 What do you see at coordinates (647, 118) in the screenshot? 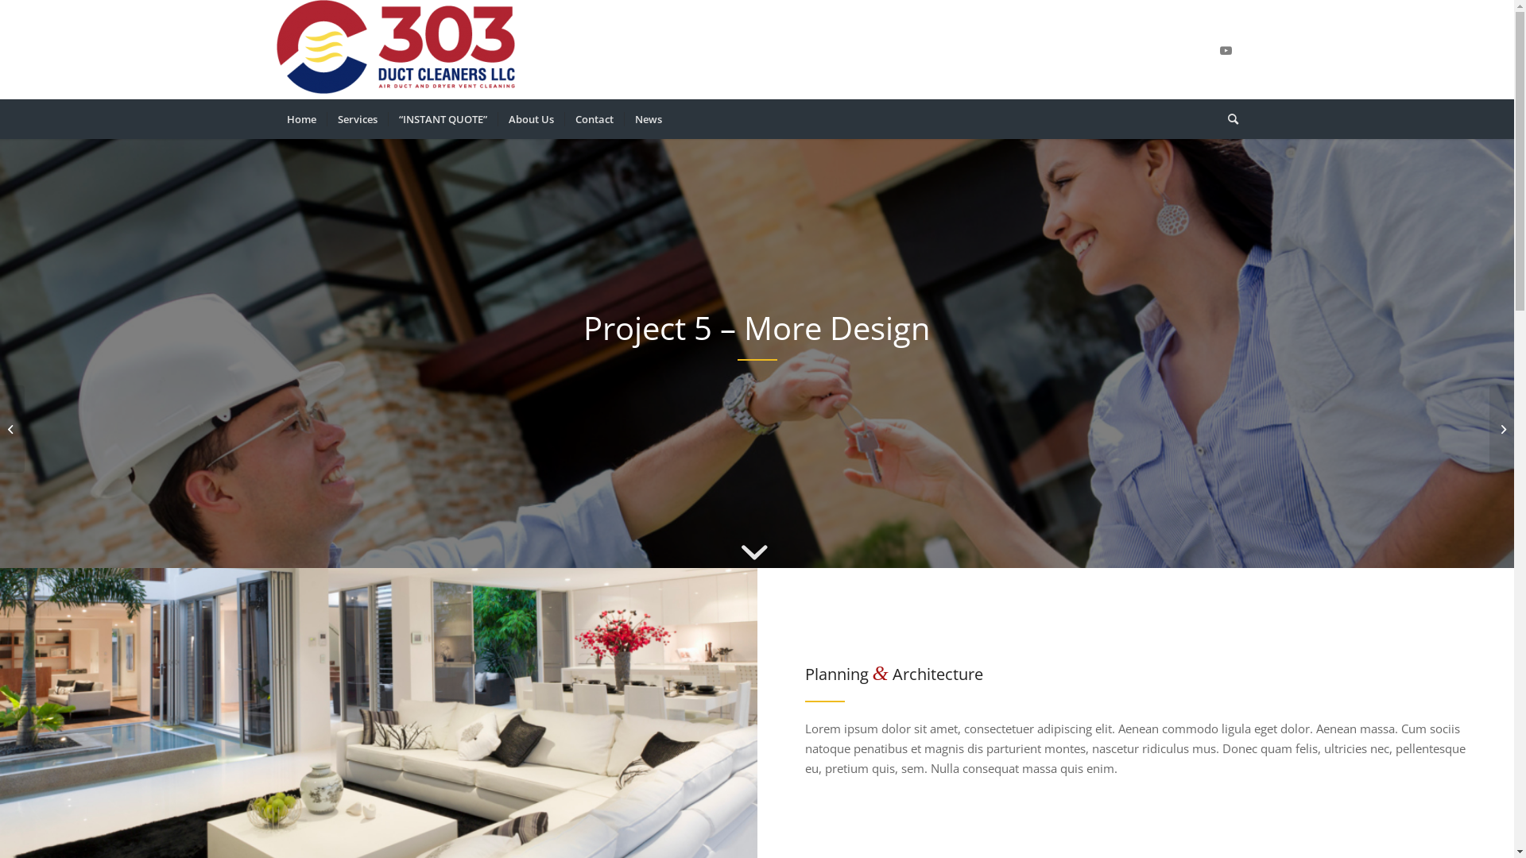
I see `'News'` at bounding box center [647, 118].